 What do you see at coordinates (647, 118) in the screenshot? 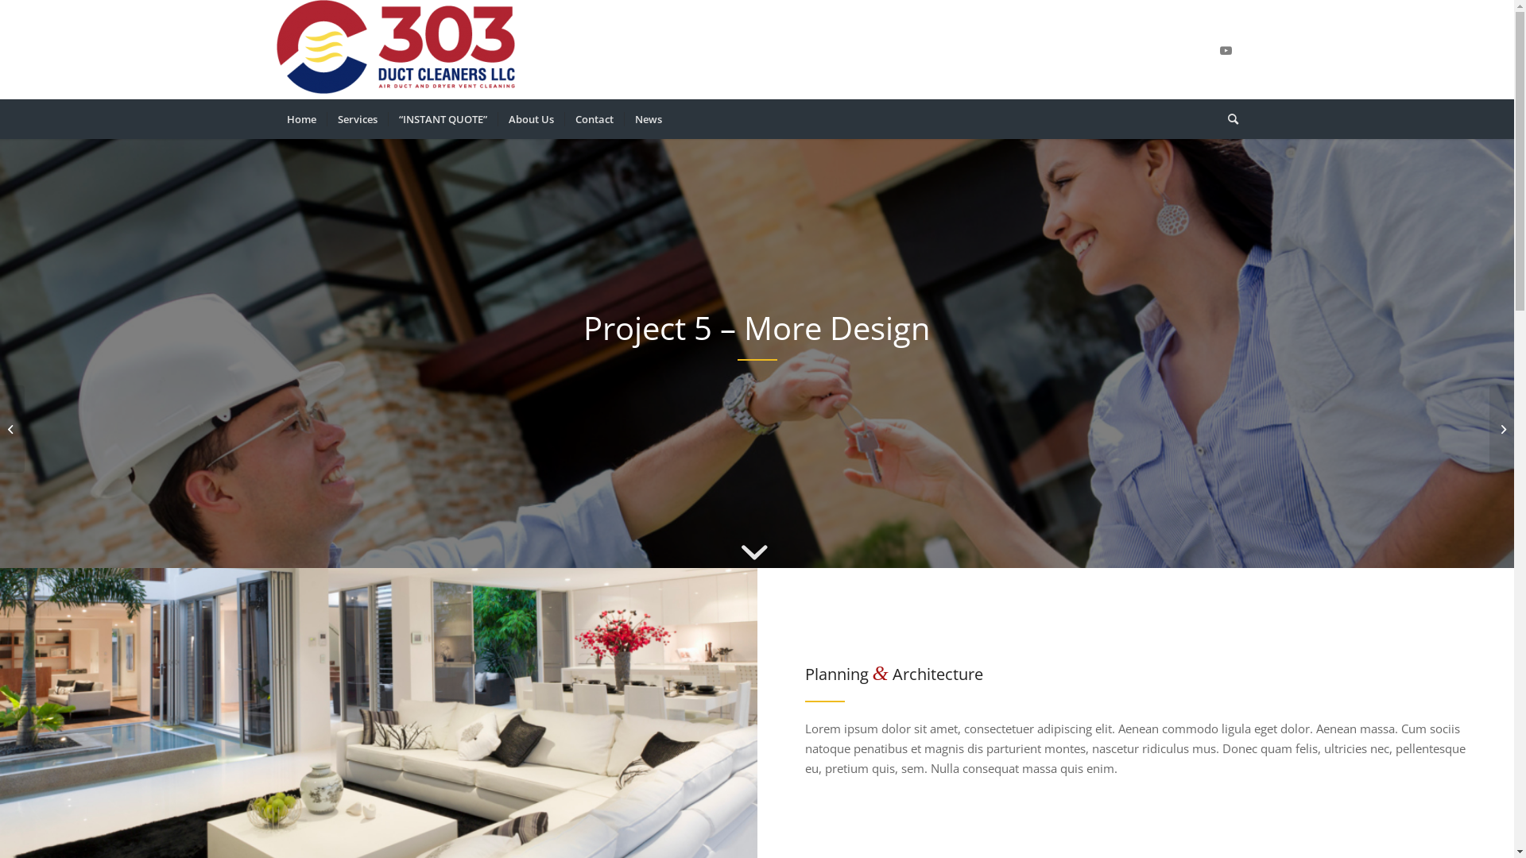
I see `'News'` at bounding box center [647, 118].